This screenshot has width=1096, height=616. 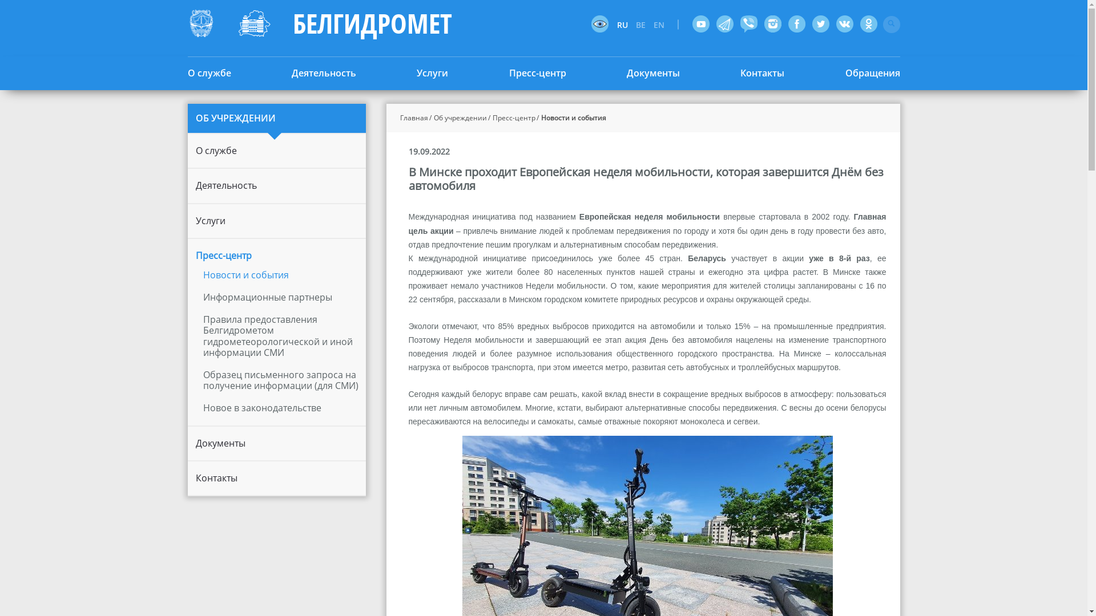 What do you see at coordinates (796, 24) in the screenshot?
I see `'facebook'` at bounding box center [796, 24].